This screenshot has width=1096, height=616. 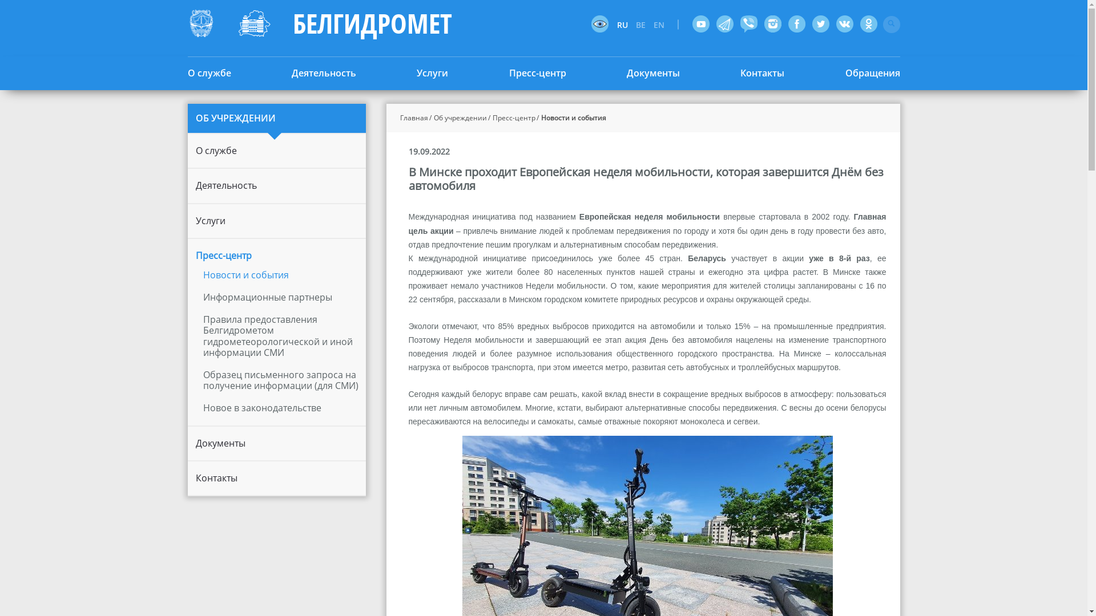 What do you see at coordinates (796, 24) in the screenshot?
I see `'facebook'` at bounding box center [796, 24].